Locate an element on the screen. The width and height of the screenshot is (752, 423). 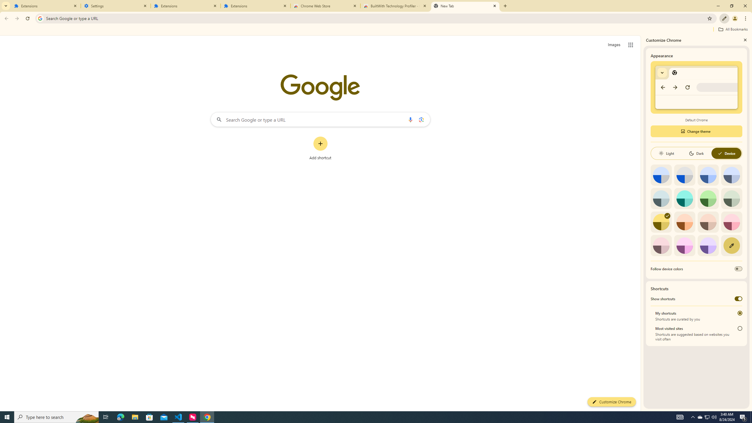
'Aqua' is located at coordinates (684, 198).